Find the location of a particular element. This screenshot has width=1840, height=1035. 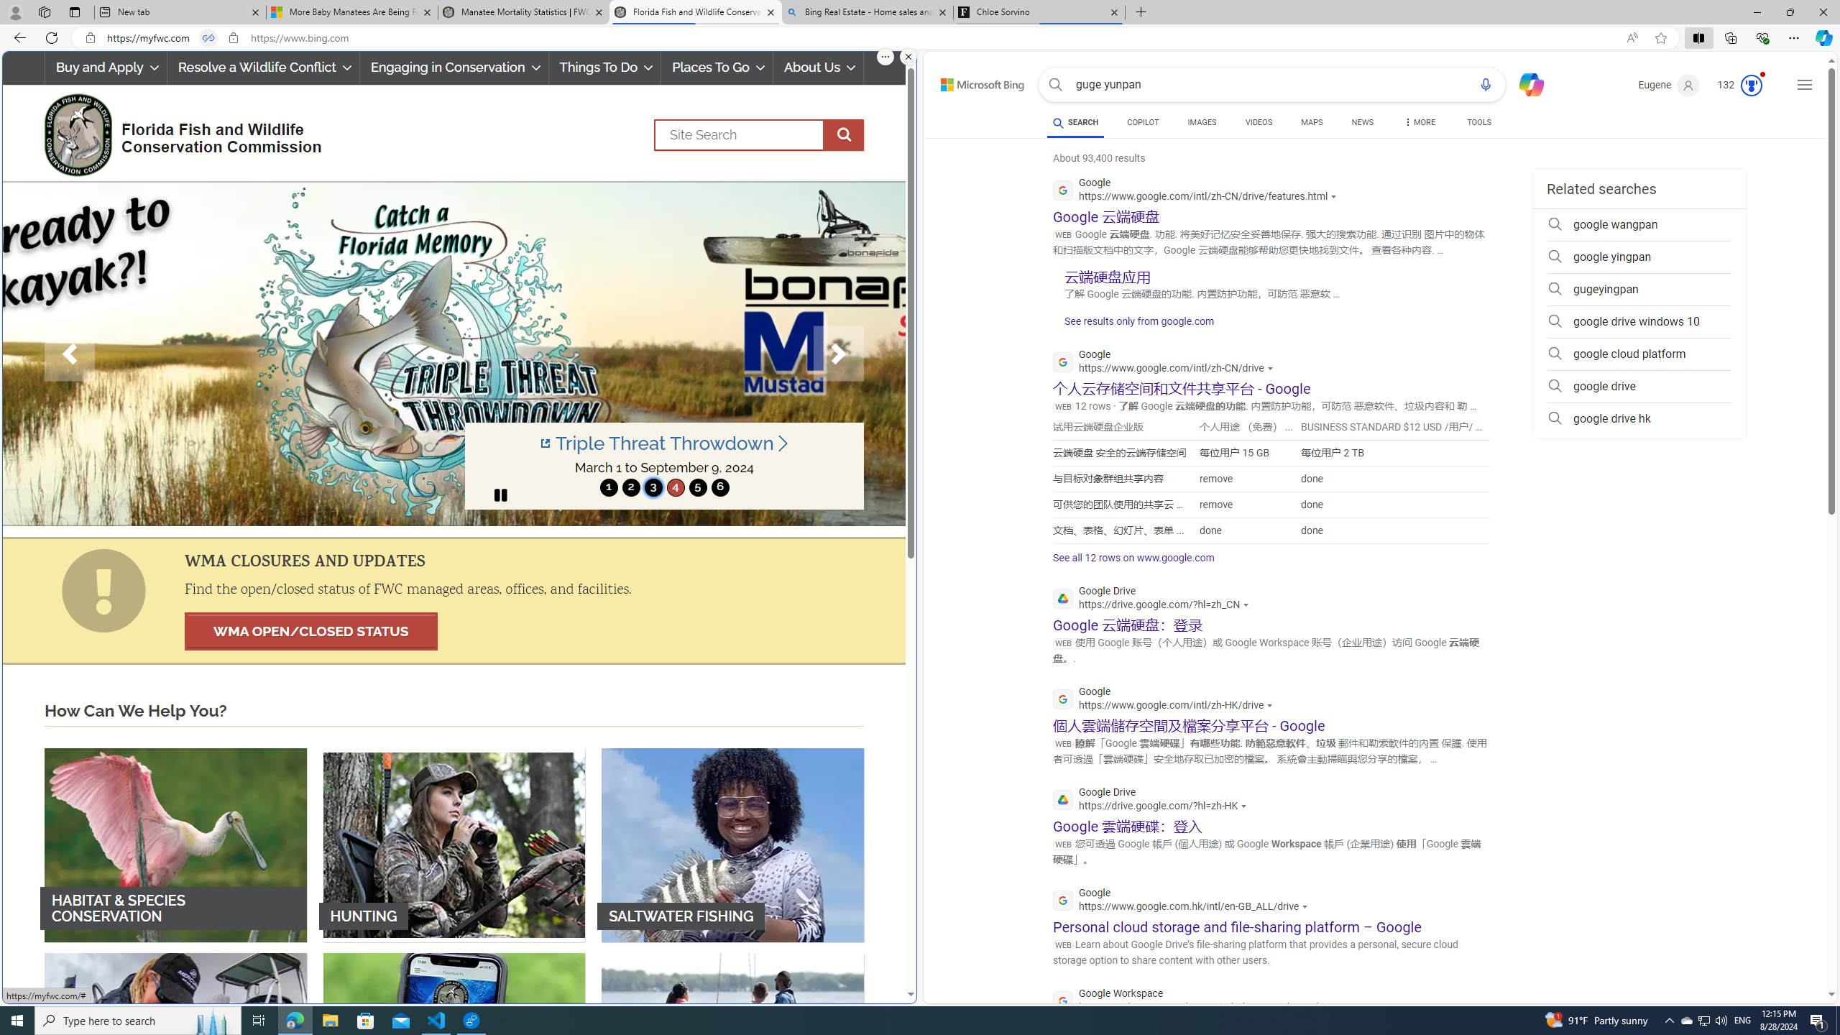

'MORE' is located at coordinates (1419, 124).